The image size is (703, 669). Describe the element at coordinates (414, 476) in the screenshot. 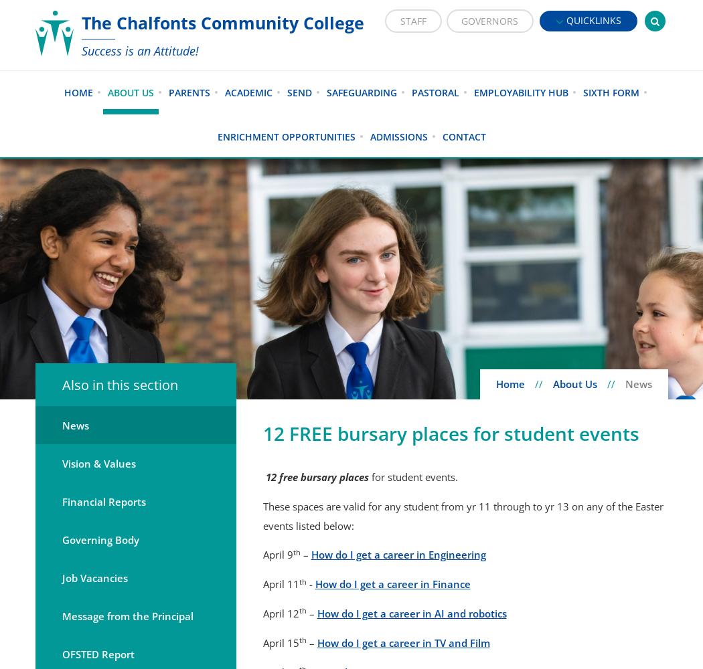

I see `'for student events.'` at that location.